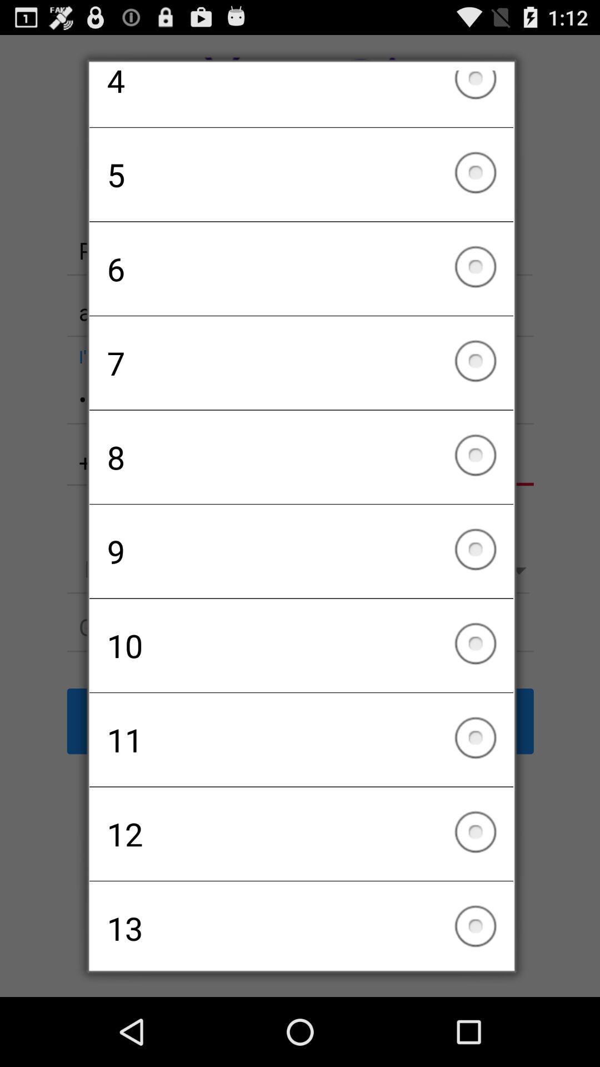 This screenshot has height=1067, width=600. I want to click on checkbox below 8 checkbox, so click(301, 551).